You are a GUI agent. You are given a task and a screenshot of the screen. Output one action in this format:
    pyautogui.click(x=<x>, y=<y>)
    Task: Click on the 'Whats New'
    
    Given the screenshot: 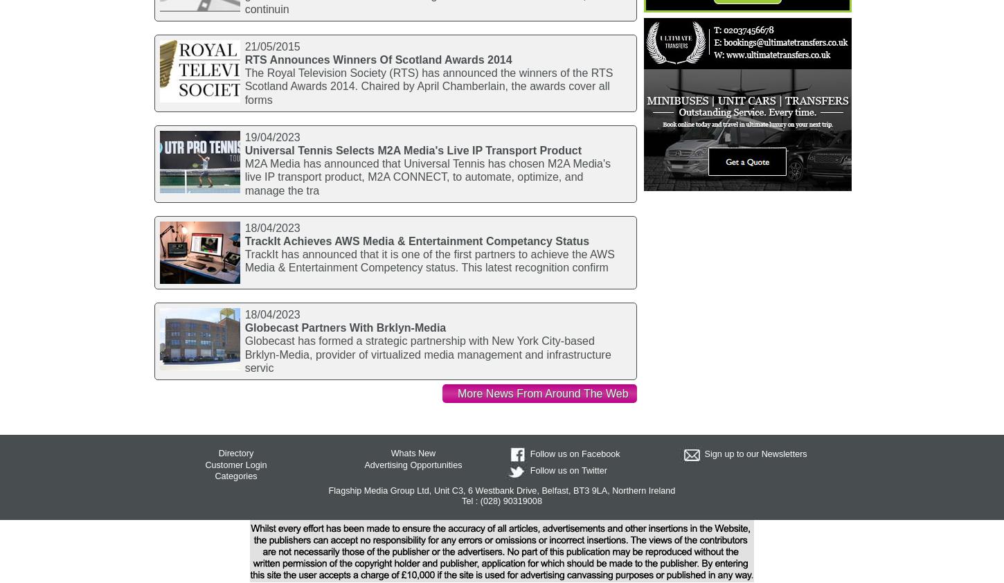 What is the action you would take?
    pyautogui.click(x=413, y=453)
    